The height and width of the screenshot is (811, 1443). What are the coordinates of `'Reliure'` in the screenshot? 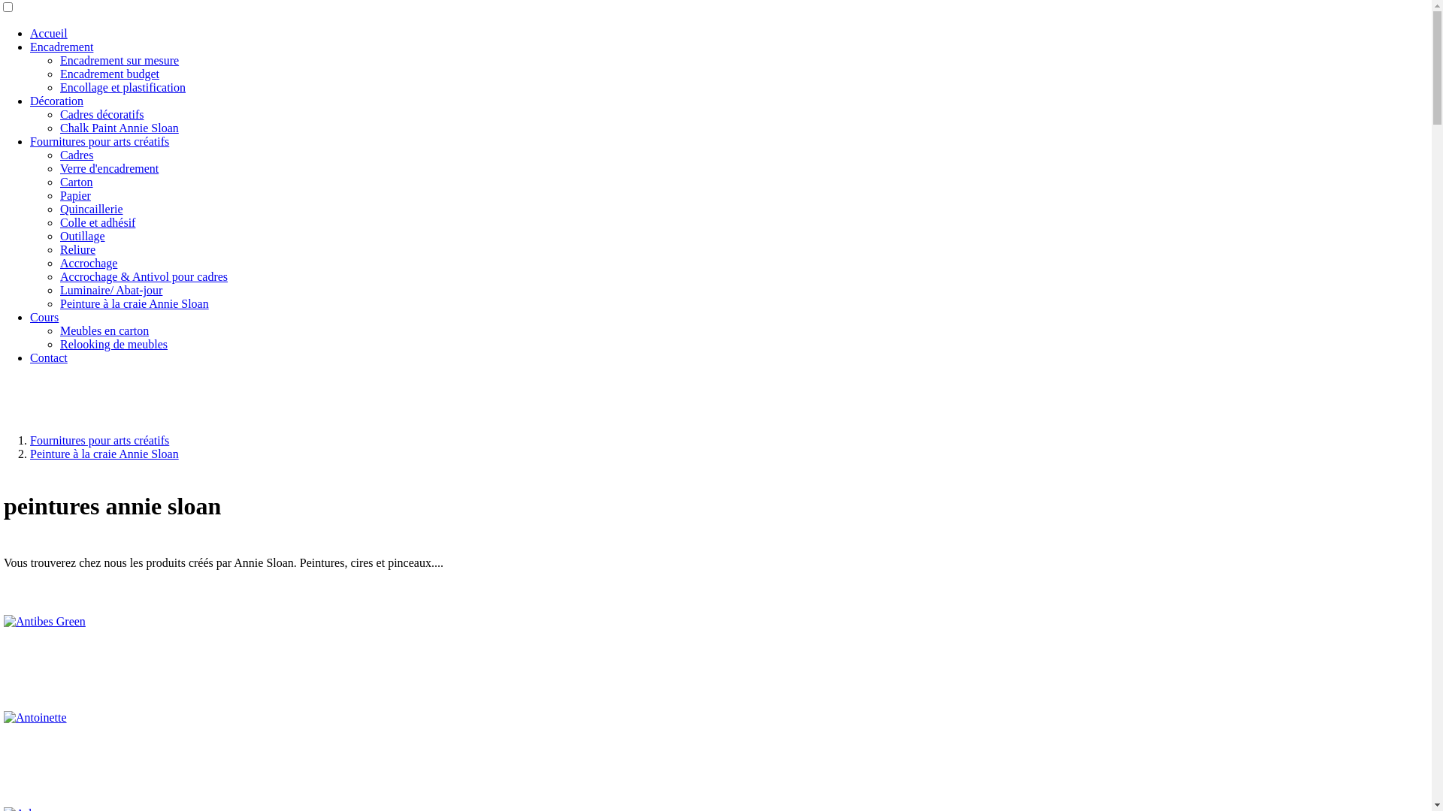 It's located at (60, 249).